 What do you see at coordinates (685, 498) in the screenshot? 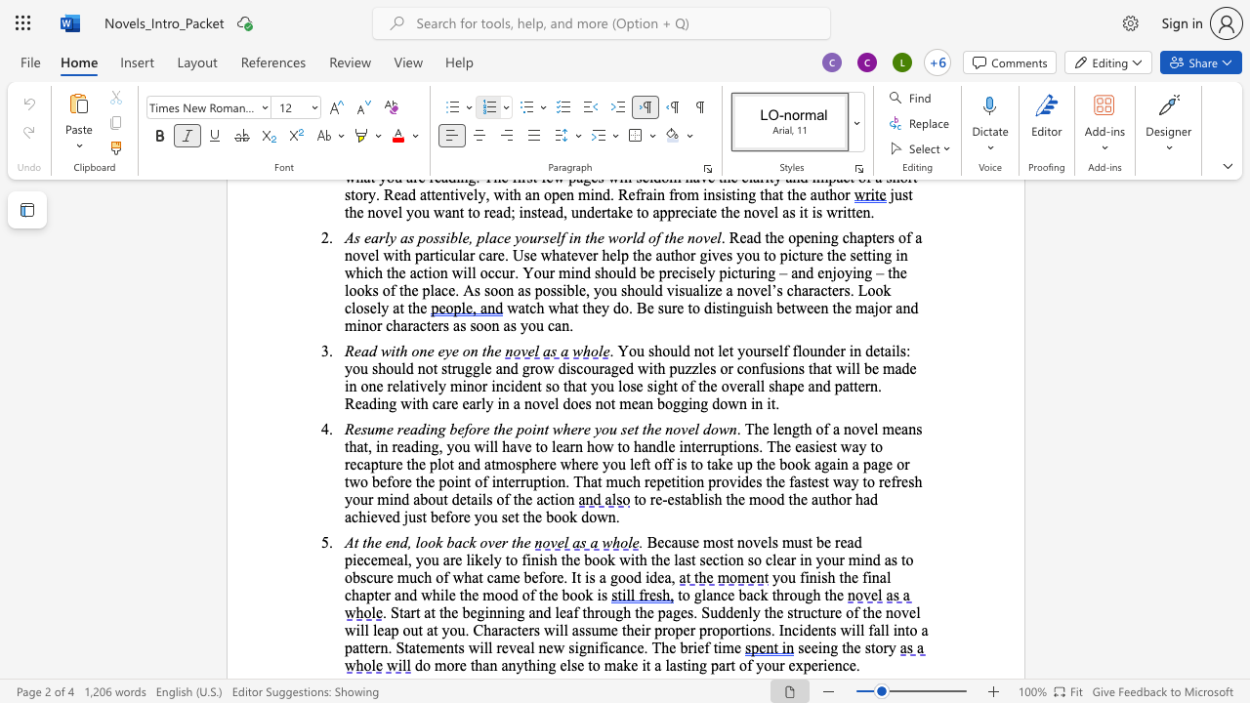
I see `the space between the continuous character "t" and "a" in the text` at bounding box center [685, 498].